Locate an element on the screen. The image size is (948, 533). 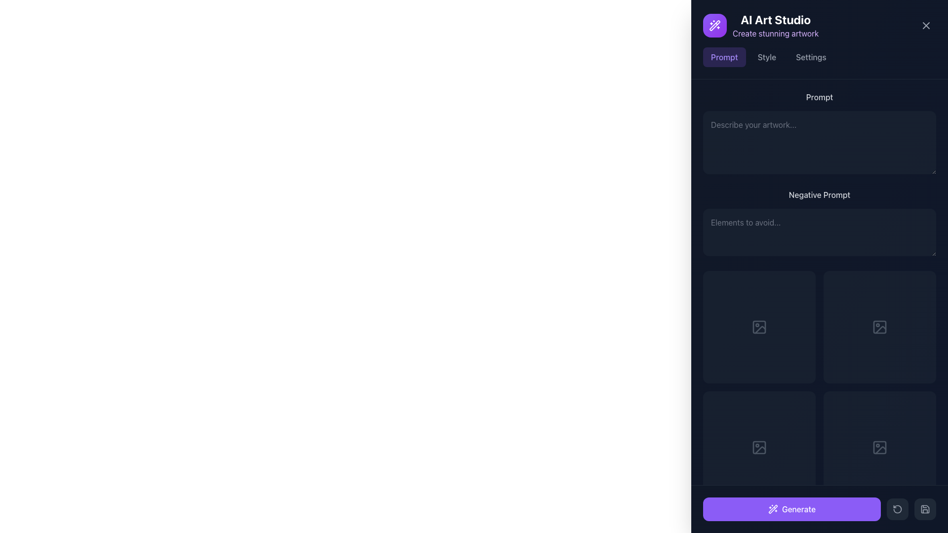
the left-curving arrow icon embedded in a rounded rectangular button at the bottom-right of the interface is located at coordinates (898, 509).